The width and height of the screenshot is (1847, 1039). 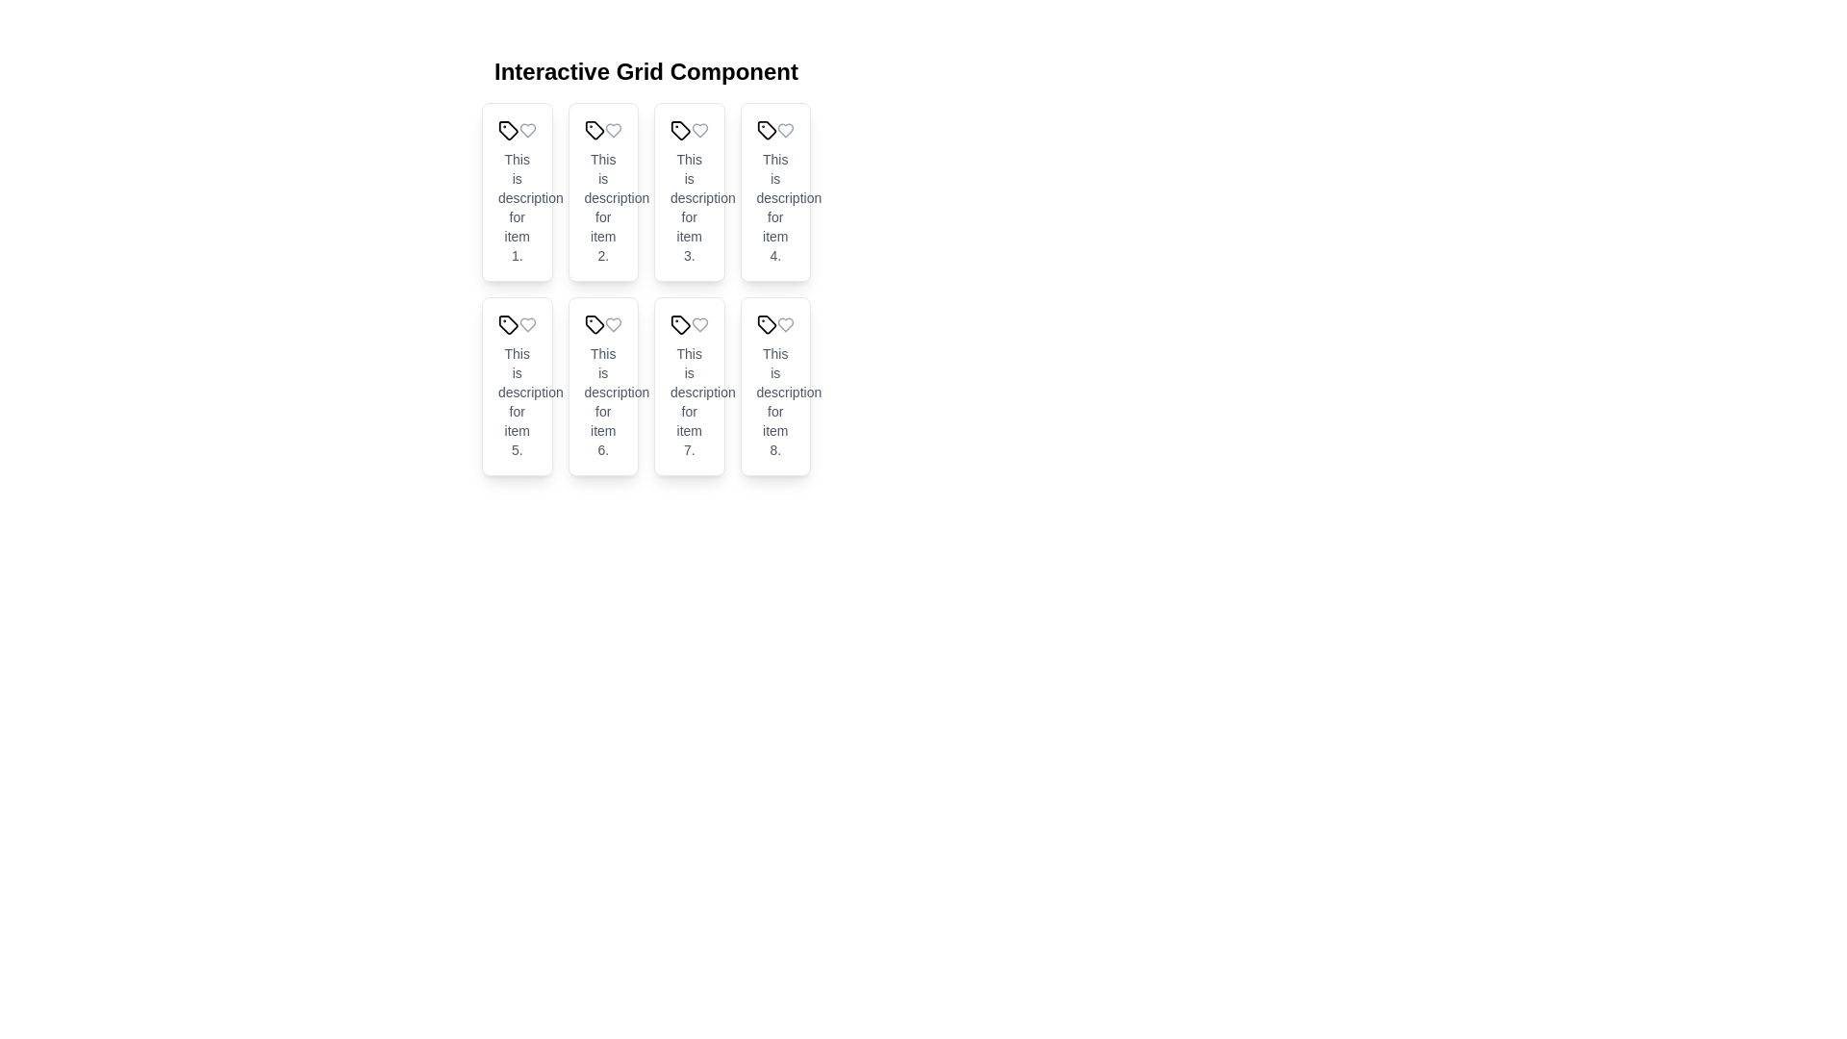 What do you see at coordinates (766, 130) in the screenshot?
I see `the vector graphic icon located in the fourth tile of the 'Interactive Grid Component', which is labeled 'Tile 4' with the description 'This is description for item 4.'` at bounding box center [766, 130].